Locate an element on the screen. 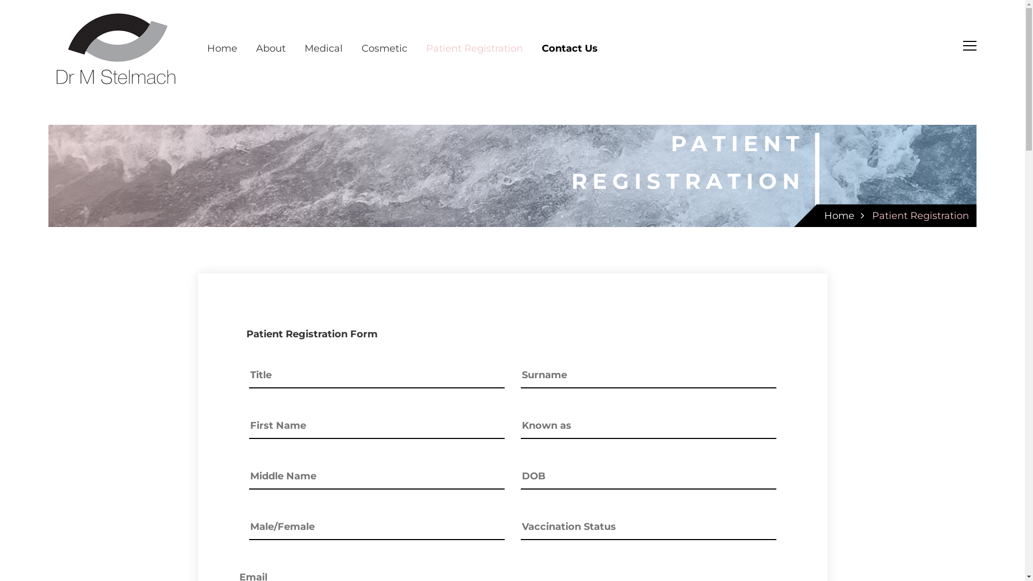 This screenshot has width=1033, height=581. 'Patient Registration' is located at coordinates (474, 47).